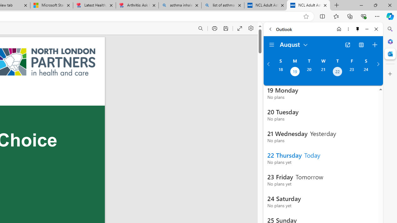 This screenshot has height=223, width=397. I want to click on 'Microsoft Start', so click(52, 5).